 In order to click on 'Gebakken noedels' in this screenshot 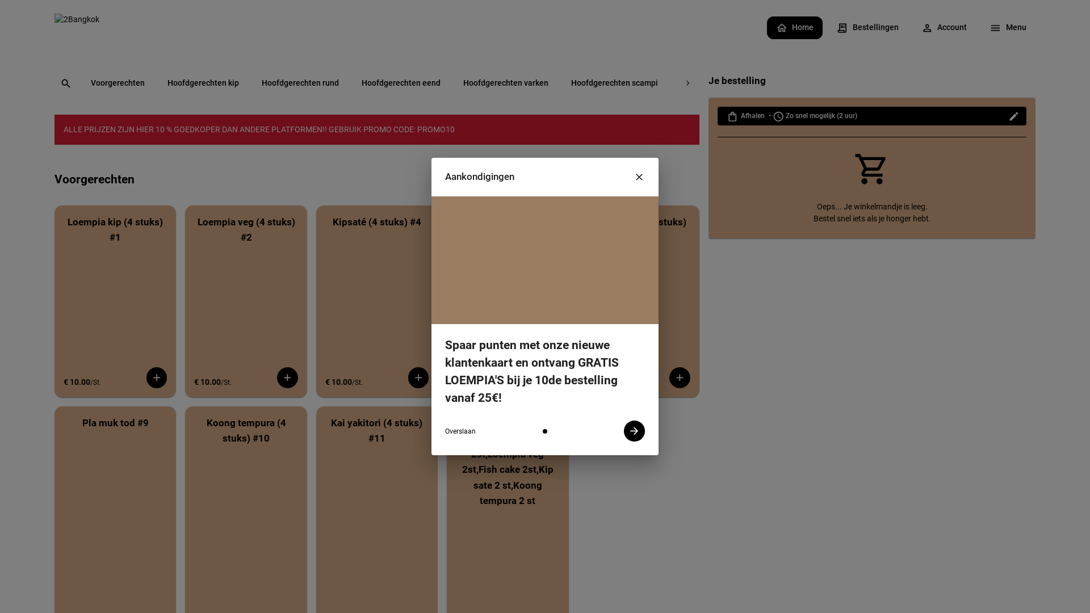, I will do `click(789, 83)`.